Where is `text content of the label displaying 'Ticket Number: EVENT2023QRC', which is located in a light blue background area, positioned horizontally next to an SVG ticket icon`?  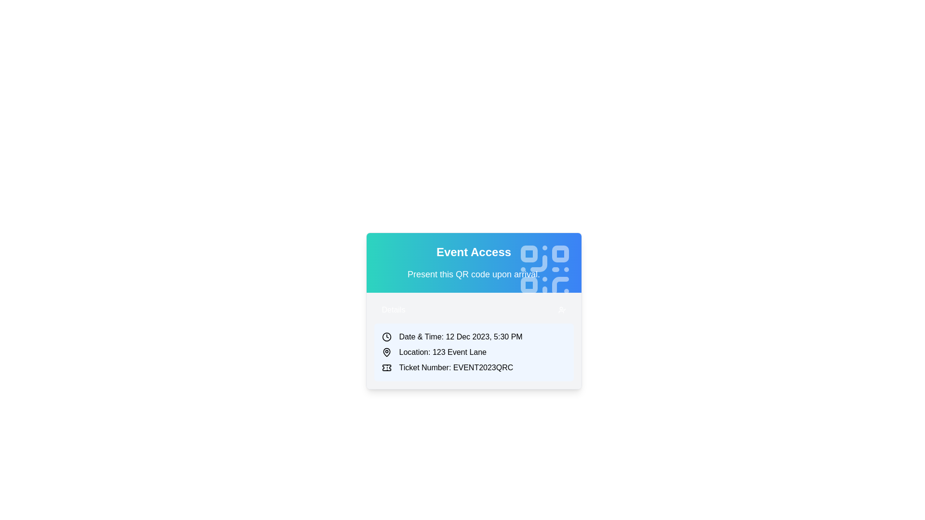 text content of the label displaying 'Ticket Number: EVENT2023QRC', which is located in a light blue background area, positioned horizontally next to an SVG ticket icon is located at coordinates (455, 367).